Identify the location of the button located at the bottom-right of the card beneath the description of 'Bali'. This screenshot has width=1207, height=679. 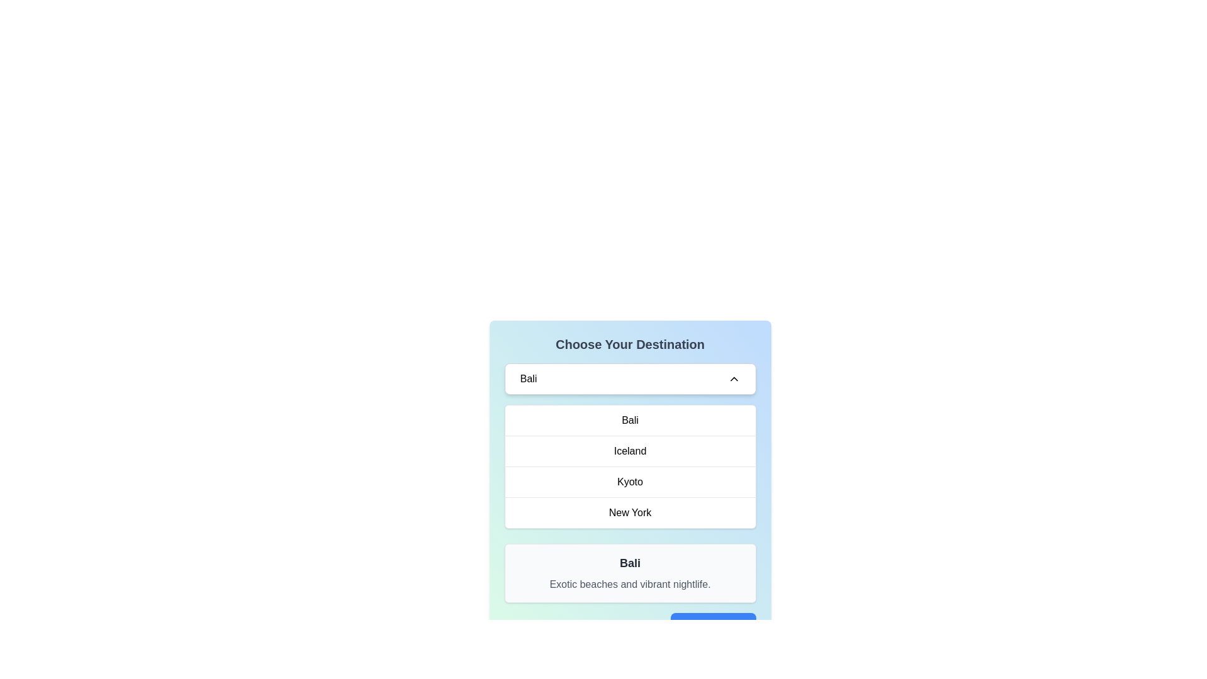
(630, 626).